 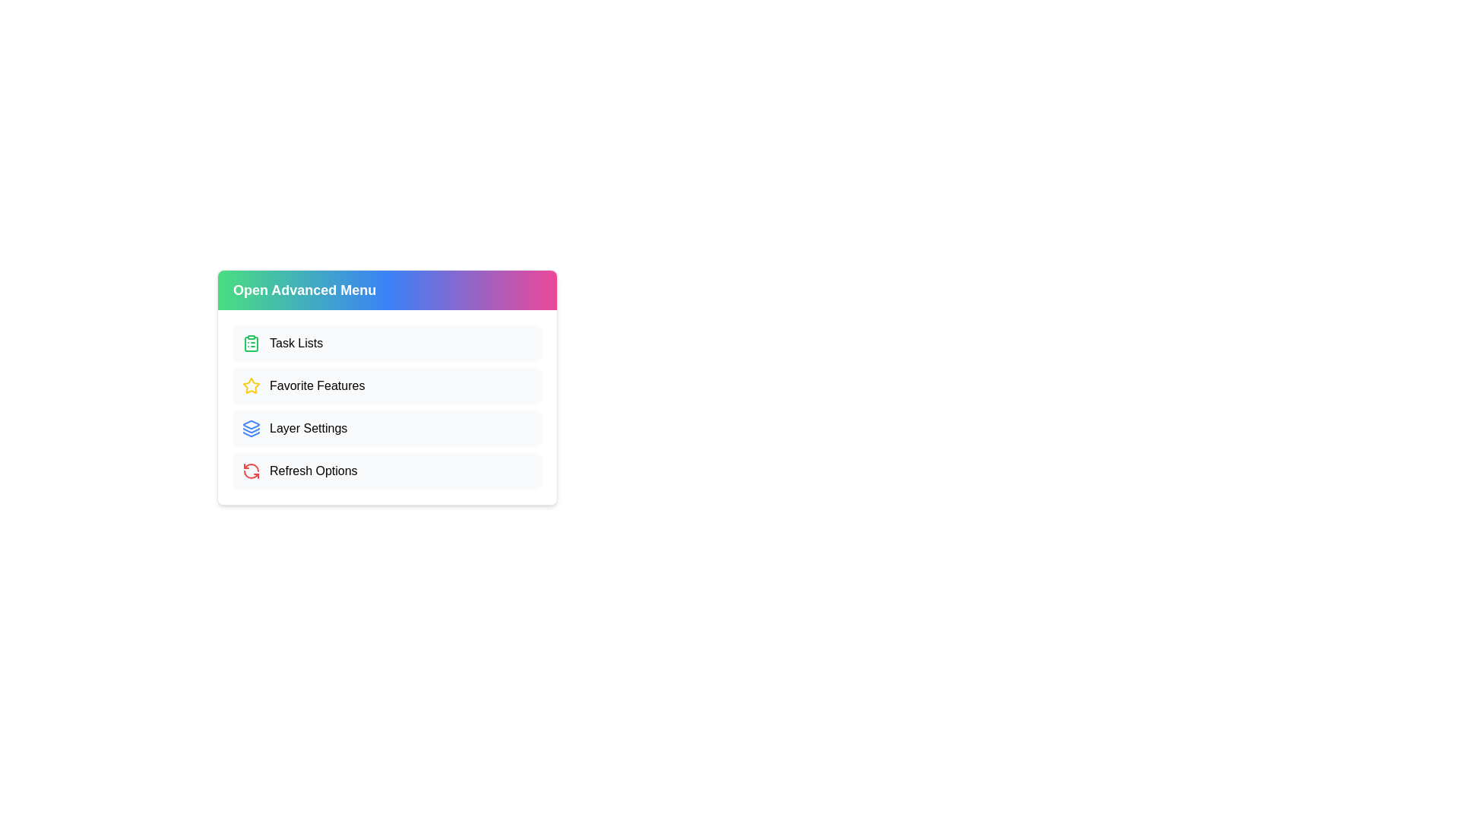 I want to click on the 'Layer Settings' option in the menu, so click(x=387, y=428).